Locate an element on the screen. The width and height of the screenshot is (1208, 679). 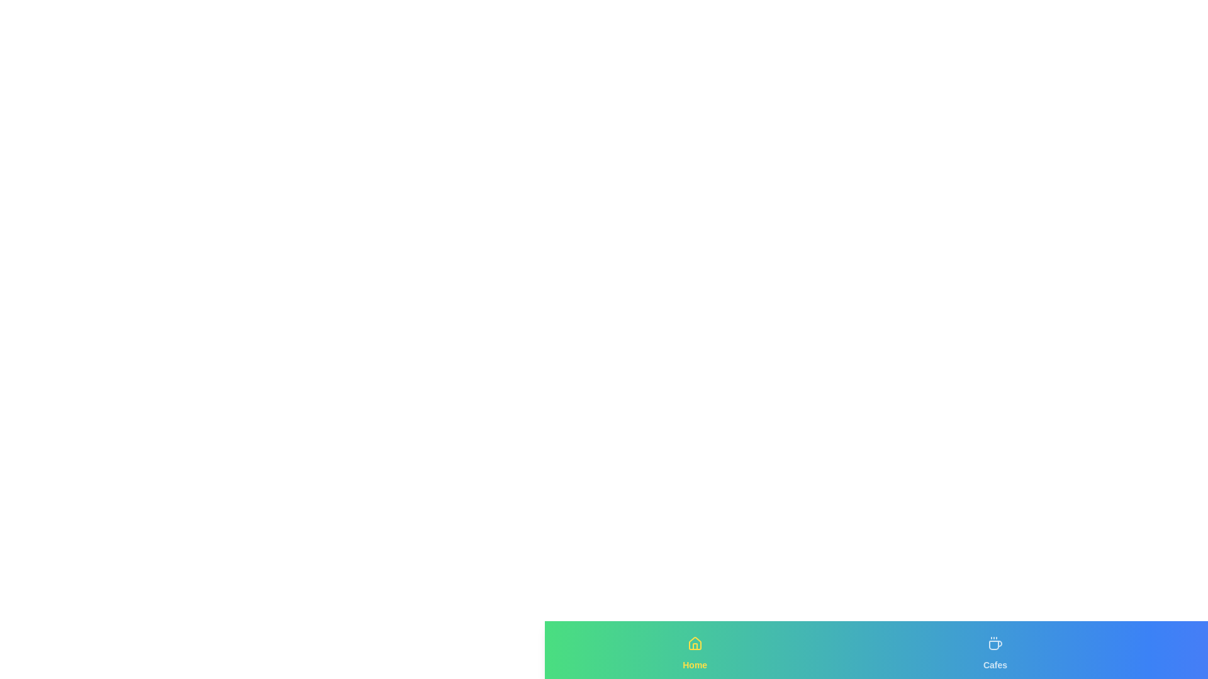
the 'Cafes' tab located at the bottom navigation bar is located at coordinates (995, 649).